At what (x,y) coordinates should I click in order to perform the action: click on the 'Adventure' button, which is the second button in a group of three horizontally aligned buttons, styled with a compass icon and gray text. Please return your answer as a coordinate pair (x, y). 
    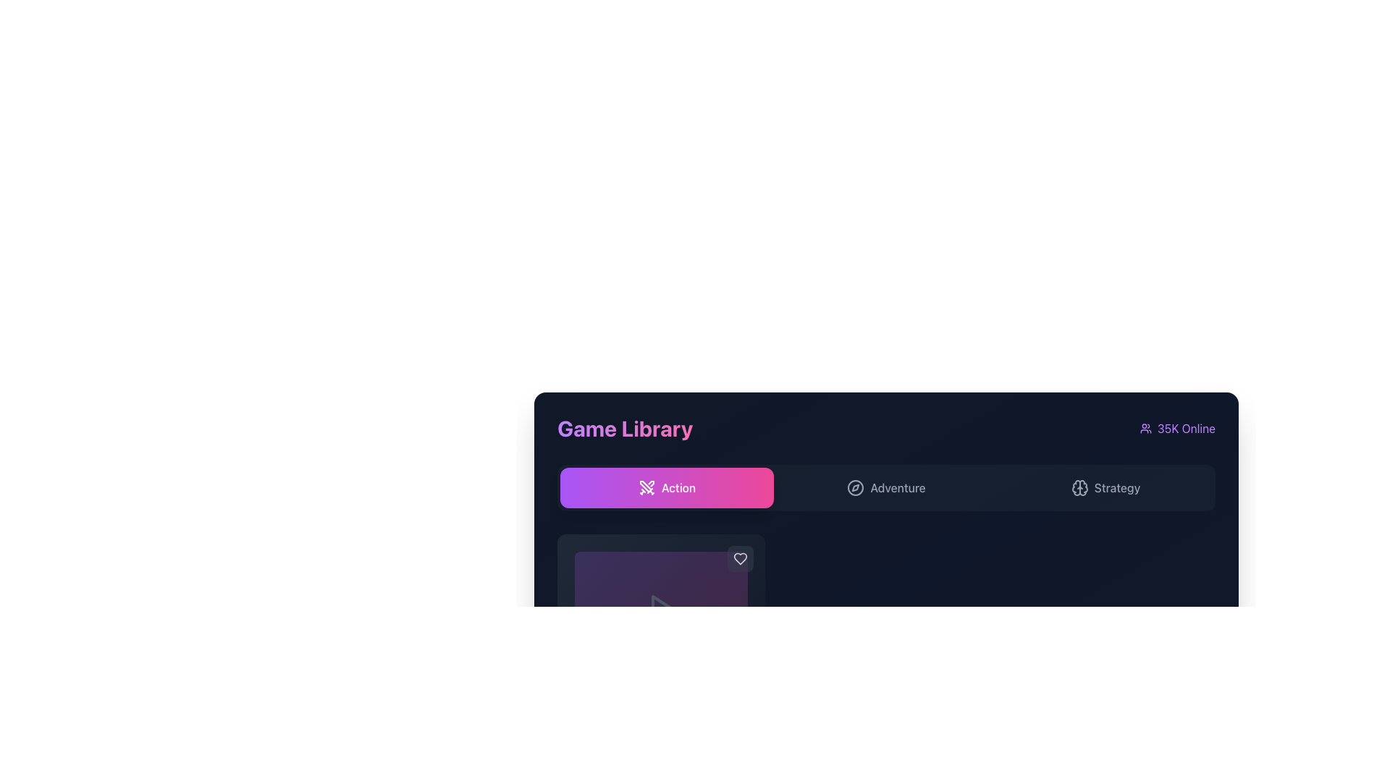
    Looking at the image, I should click on (885, 488).